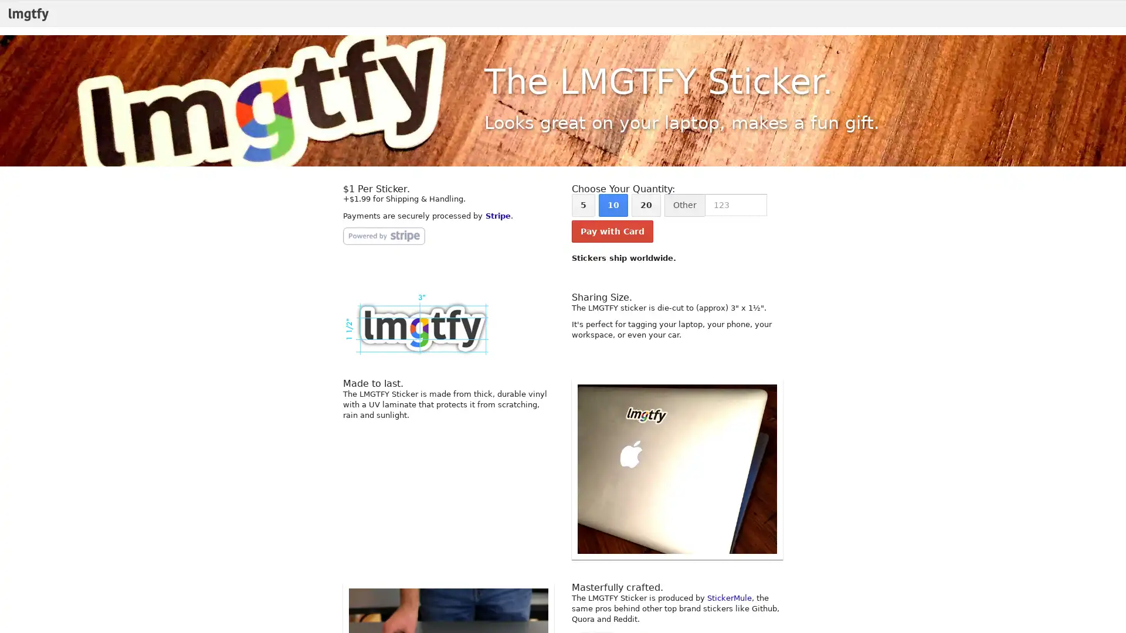 This screenshot has width=1126, height=633. What do you see at coordinates (612, 230) in the screenshot?
I see `Pay with Card` at bounding box center [612, 230].